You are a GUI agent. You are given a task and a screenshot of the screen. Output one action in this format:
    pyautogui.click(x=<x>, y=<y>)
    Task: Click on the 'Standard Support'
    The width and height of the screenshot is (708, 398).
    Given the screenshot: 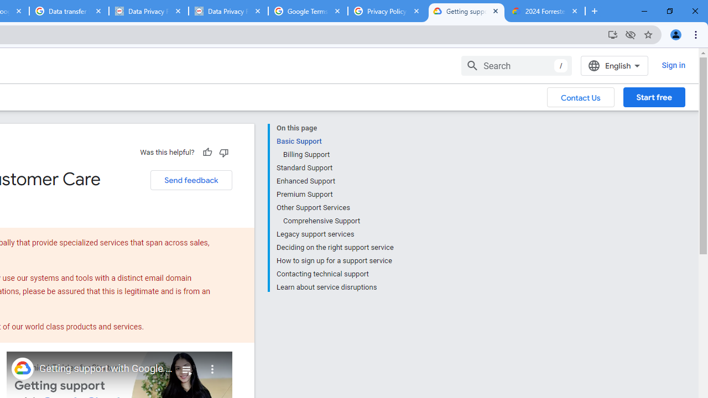 What is the action you would take?
    pyautogui.click(x=334, y=168)
    